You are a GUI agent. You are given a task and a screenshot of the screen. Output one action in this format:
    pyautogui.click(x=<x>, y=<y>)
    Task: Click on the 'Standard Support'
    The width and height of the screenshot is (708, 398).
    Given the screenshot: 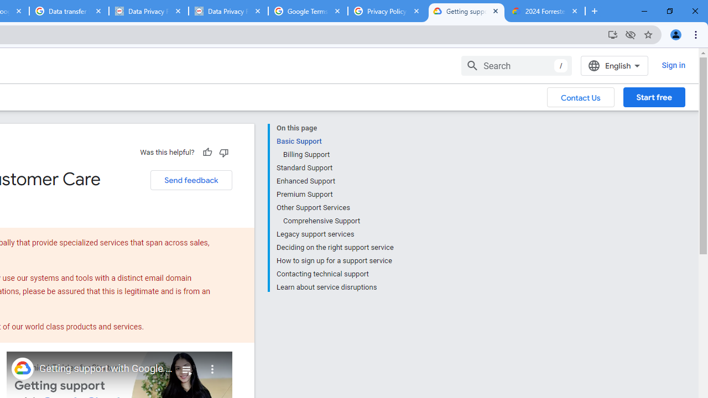 What is the action you would take?
    pyautogui.click(x=334, y=168)
    